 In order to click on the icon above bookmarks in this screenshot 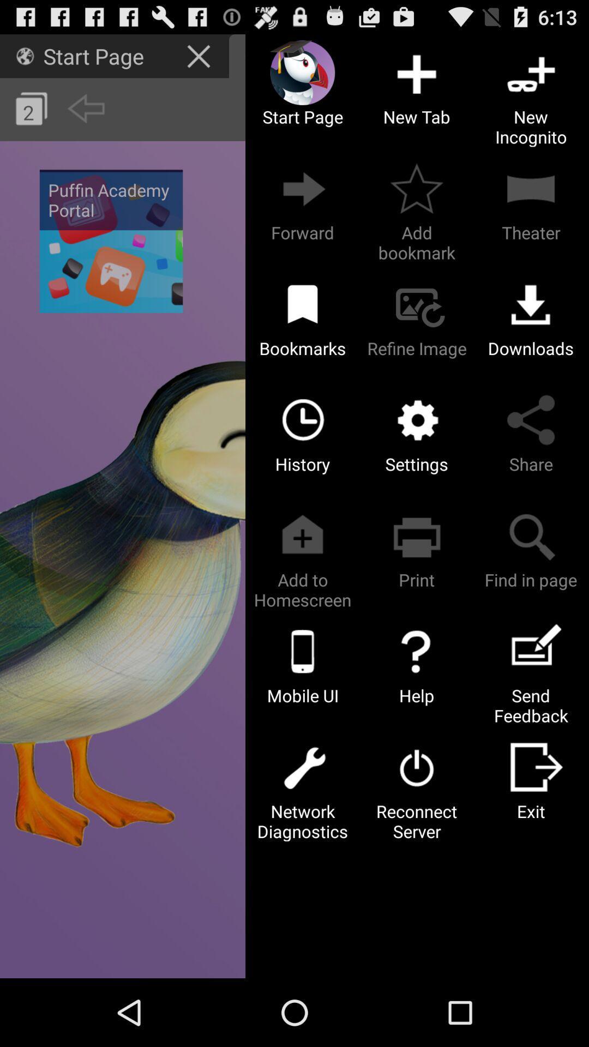, I will do `click(303, 304)`.